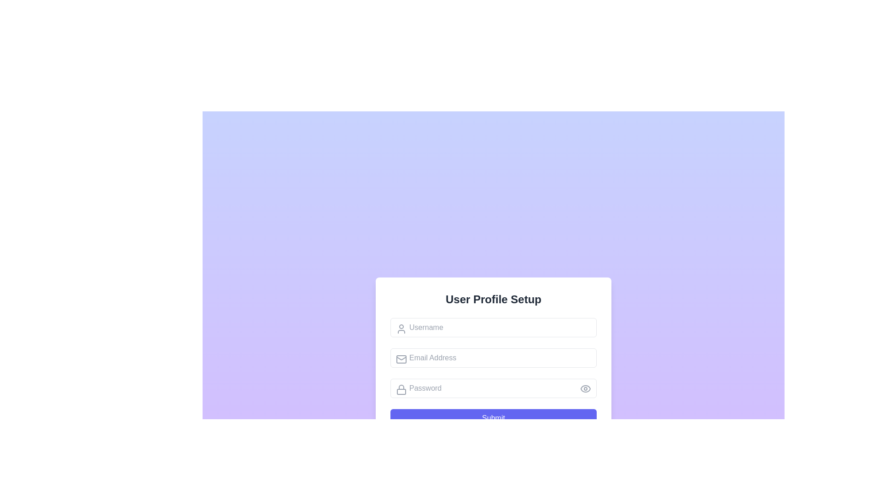 The height and width of the screenshot is (497, 884). What do you see at coordinates (401, 390) in the screenshot?
I see `the gray lock icon with thin lines located to the left inside the password input field` at bounding box center [401, 390].